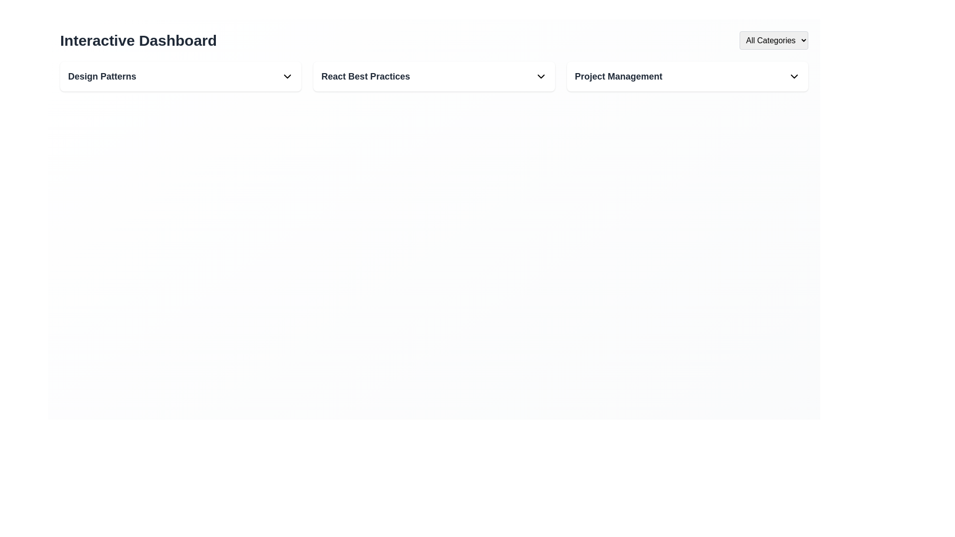 The width and height of the screenshot is (955, 537). I want to click on the 'Project Management' dropdown trigger, so click(687, 76).